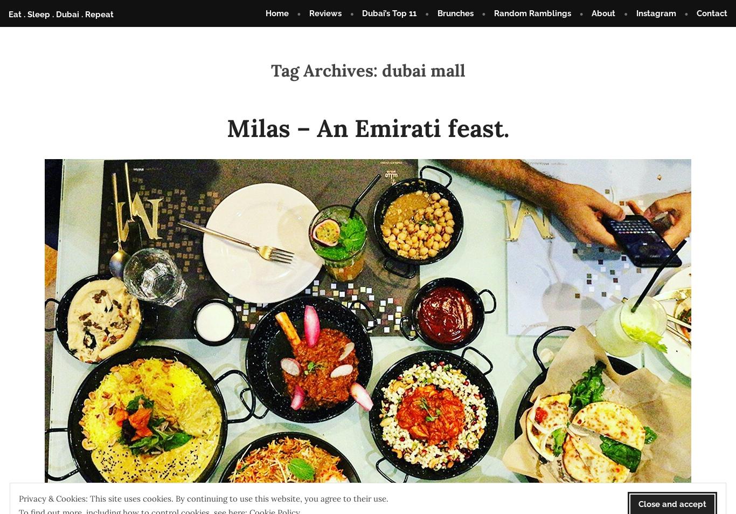  I want to click on 'Eat  .  Sleep  .  Dubai   .  Repeat', so click(61, 13).